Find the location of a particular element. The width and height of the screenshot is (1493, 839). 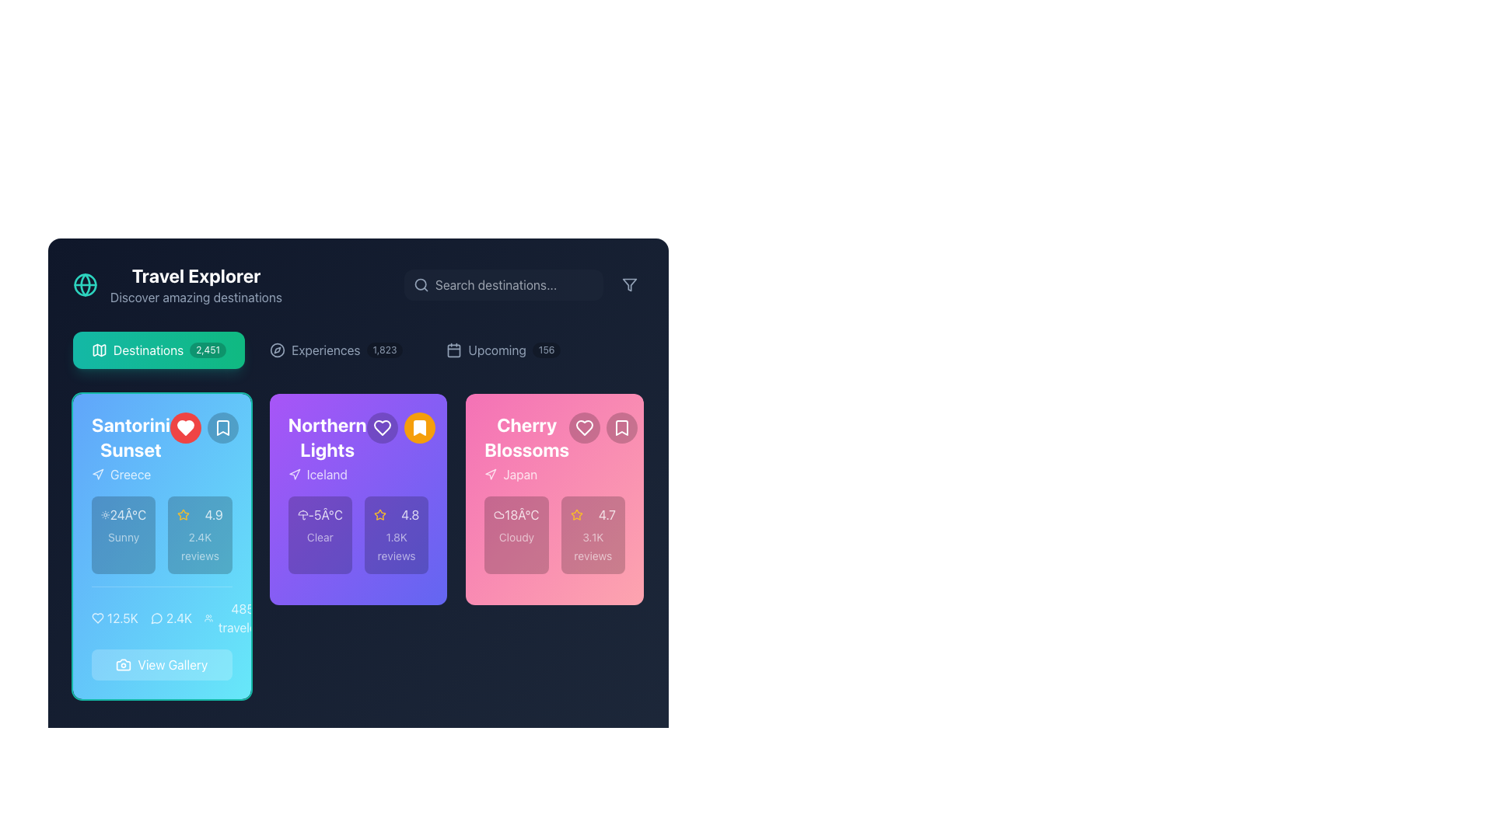

the chat bubble icon located within the 'Santorini Sunset' card is located at coordinates (156, 618).